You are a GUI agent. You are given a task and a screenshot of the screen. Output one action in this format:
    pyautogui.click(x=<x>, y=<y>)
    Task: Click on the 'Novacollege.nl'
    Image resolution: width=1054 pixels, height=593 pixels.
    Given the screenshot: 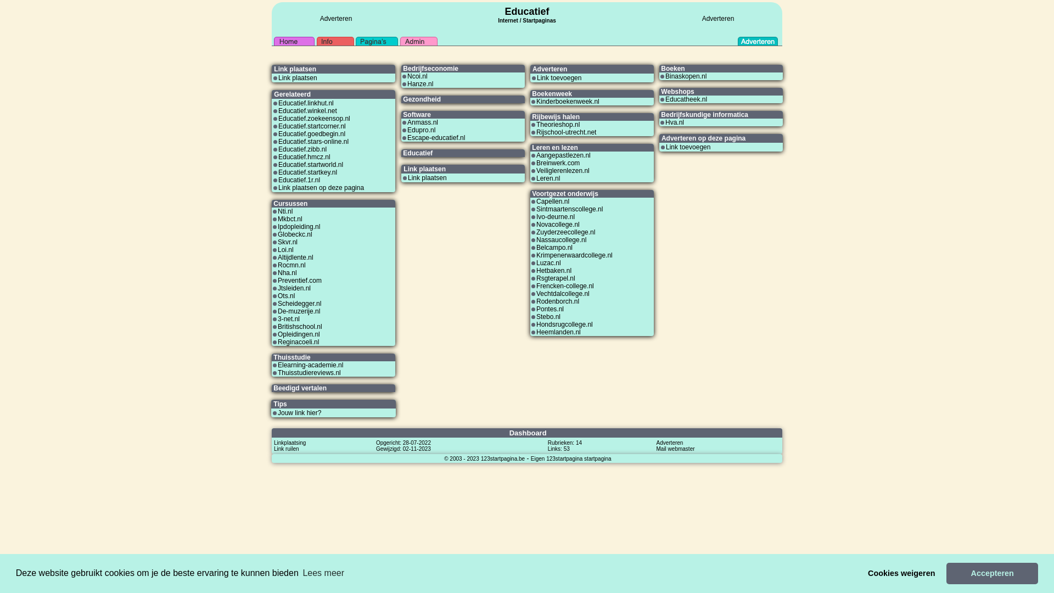 What is the action you would take?
    pyautogui.click(x=558, y=223)
    